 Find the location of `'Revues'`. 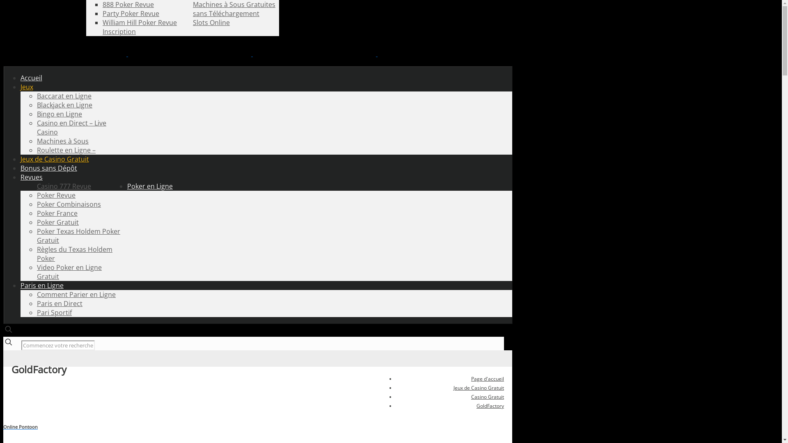

'Revues' is located at coordinates (31, 177).